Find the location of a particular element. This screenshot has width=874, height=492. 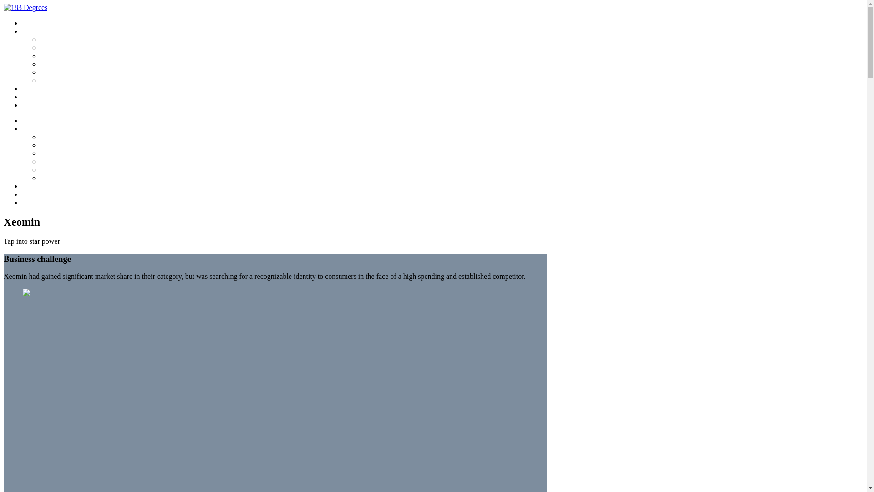

'Ideas' is located at coordinates (22, 202).